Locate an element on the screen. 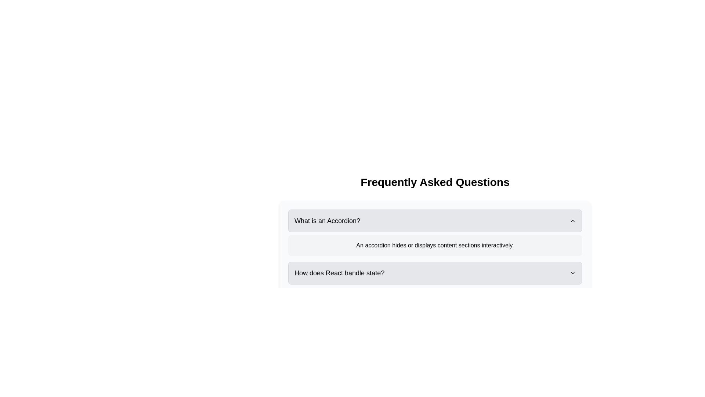 The height and width of the screenshot is (397, 705). the interactive accordion item labeled 'How does React handle state?' is located at coordinates (435, 264).